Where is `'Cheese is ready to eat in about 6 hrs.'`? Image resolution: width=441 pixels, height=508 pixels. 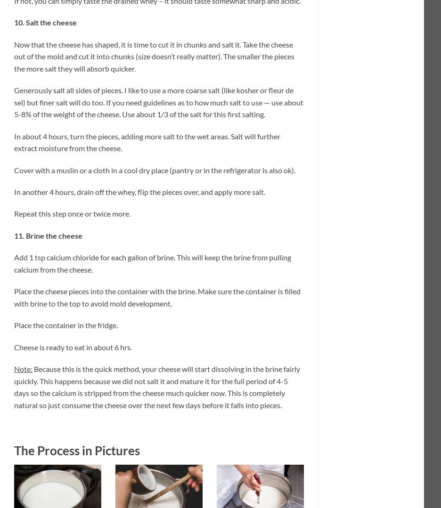 'Cheese is ready to eat in about 6 hrs.' is located at coordinates (73, 346).